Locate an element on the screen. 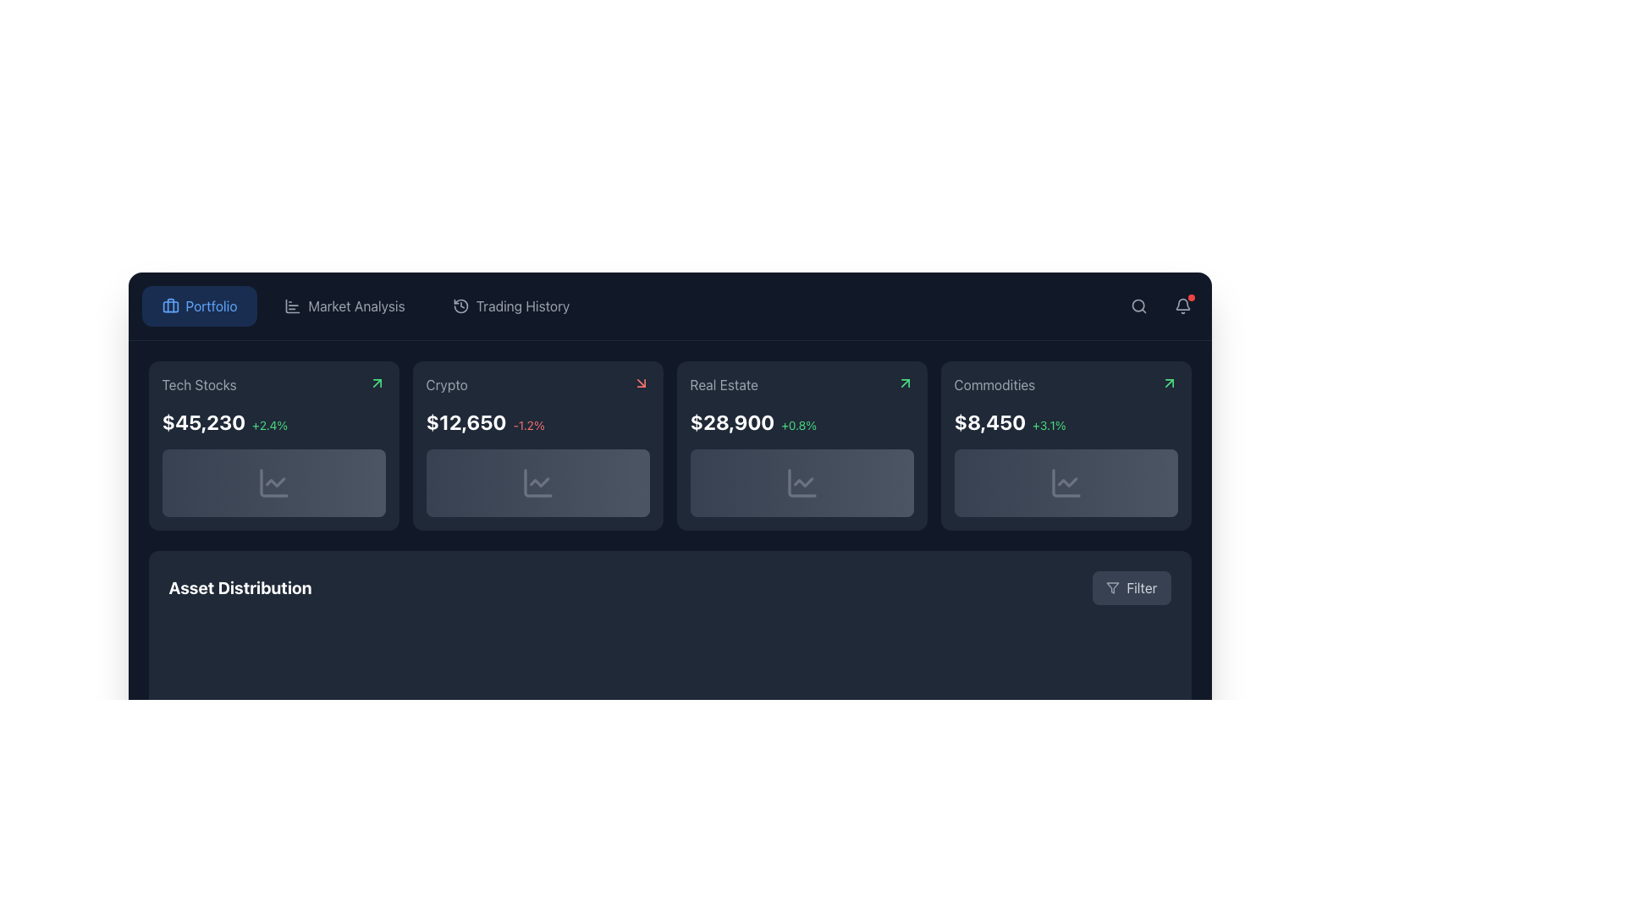 Image resolution: width=1625 pixels, height=914 pixels. percentage increase value displayed in the Text label located to the right of the '$8,450' text within the 'Commodities' card is located at coordinates (1048, 424).